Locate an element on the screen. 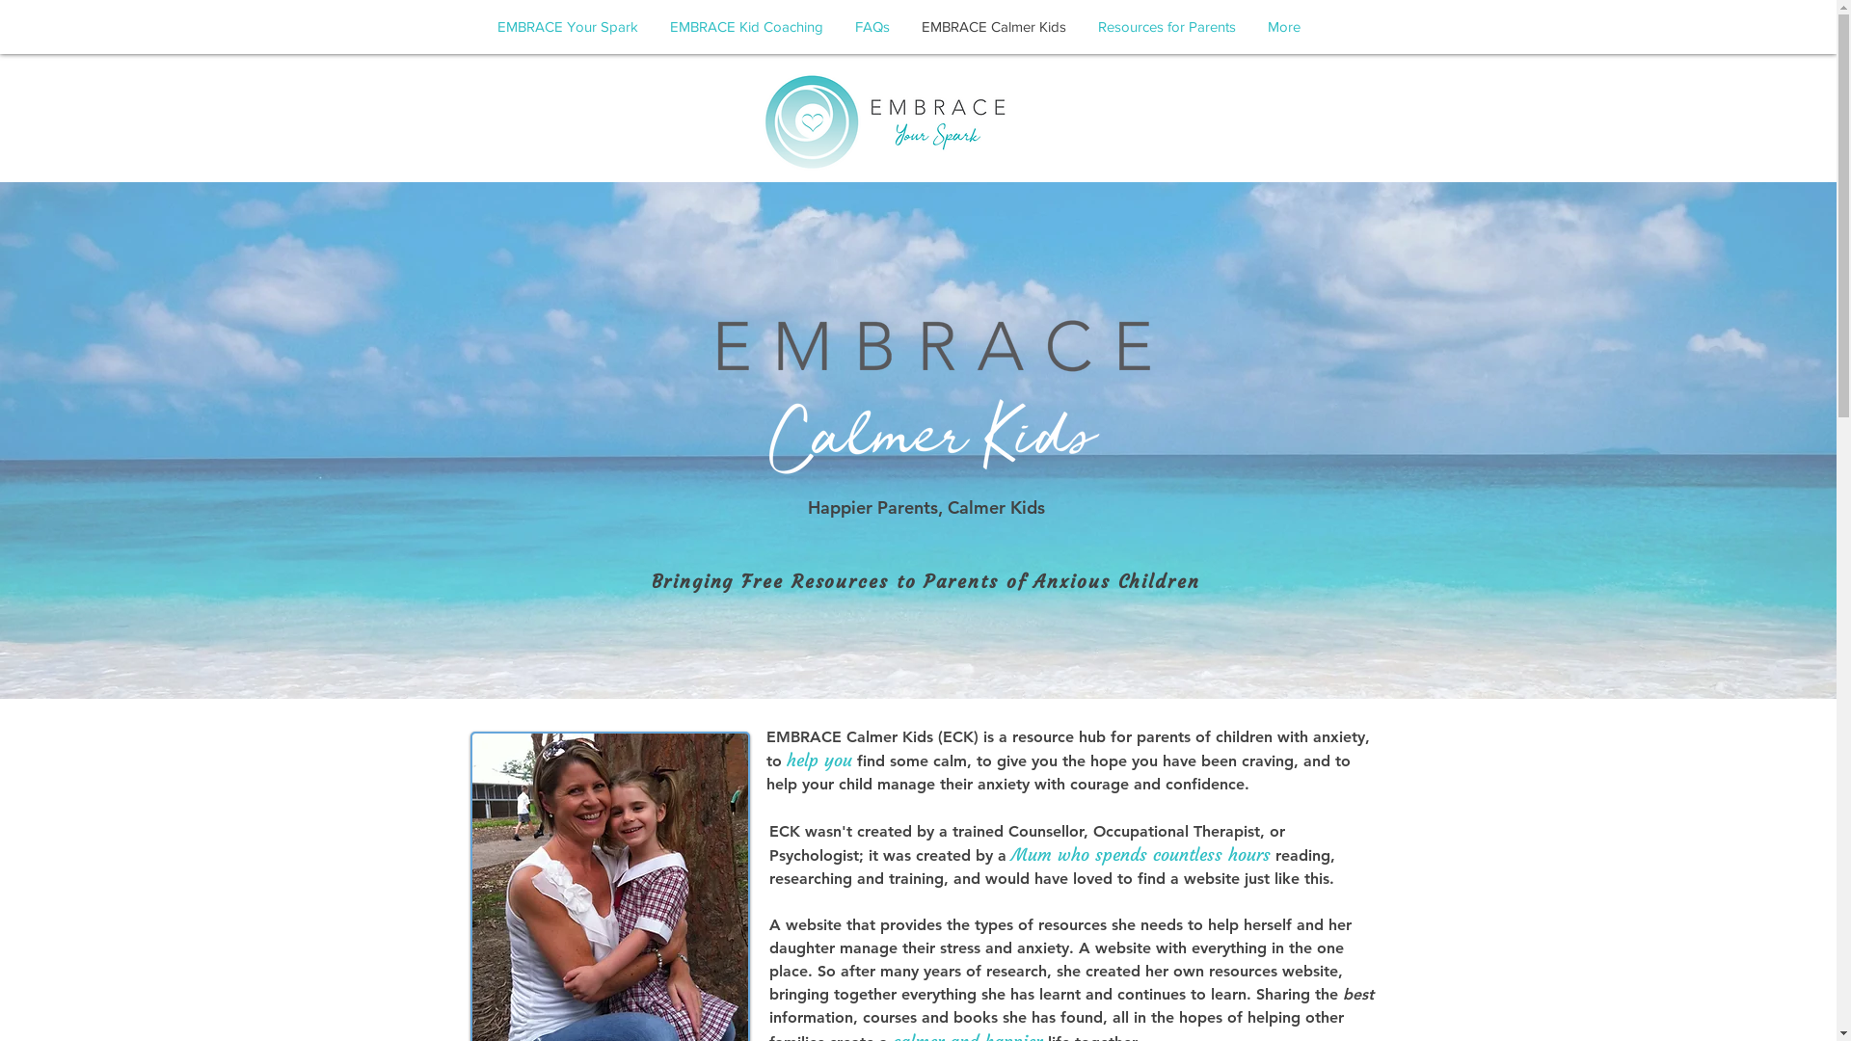 The height and width of the screenshot is (1041, 1851). 'FAQs' is located at coordinates (871, 26).